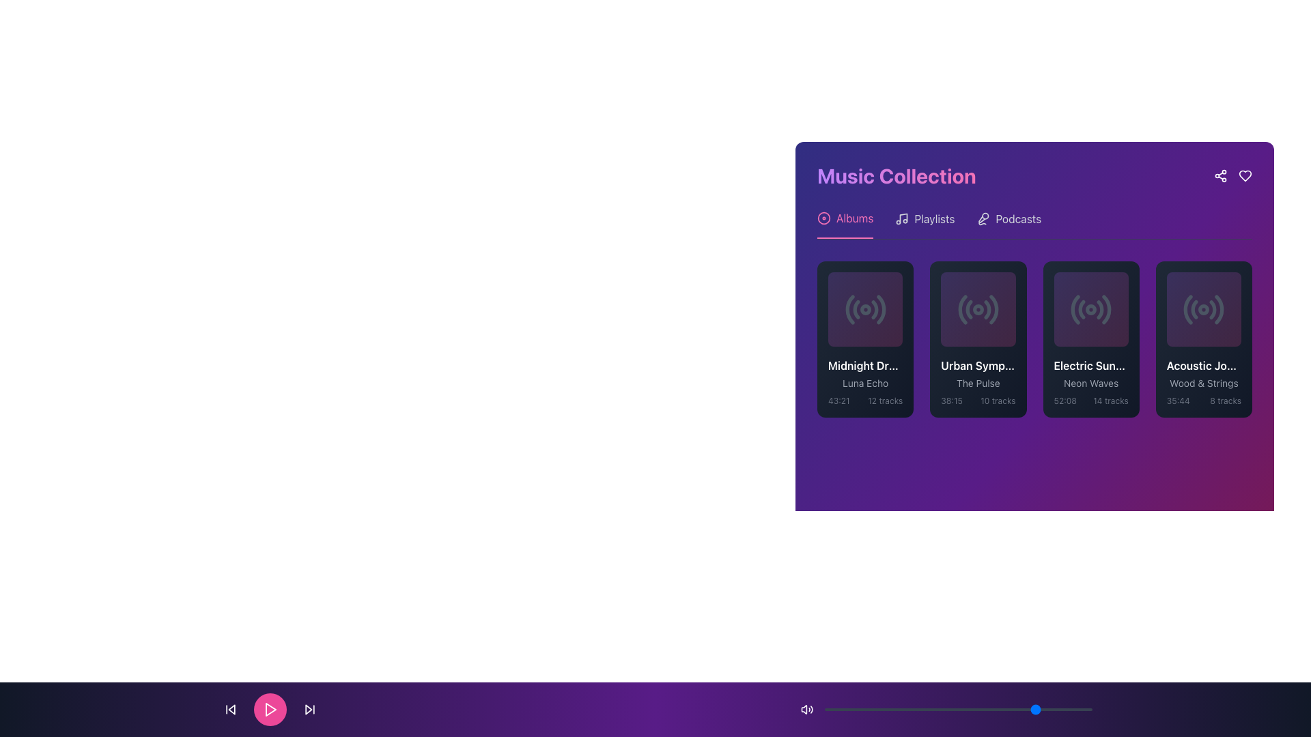 Image resolution: width=1311 pixels, height=737 pixels. What do you see at coordinates (1090, 309) in the screenshot?
I see `the circular radio wave icon with a dot in the center, located in the 'Electric Sunset' card within the 'Albums' section of the 'Music Collection' interface` at bounding box center [1090, 309].